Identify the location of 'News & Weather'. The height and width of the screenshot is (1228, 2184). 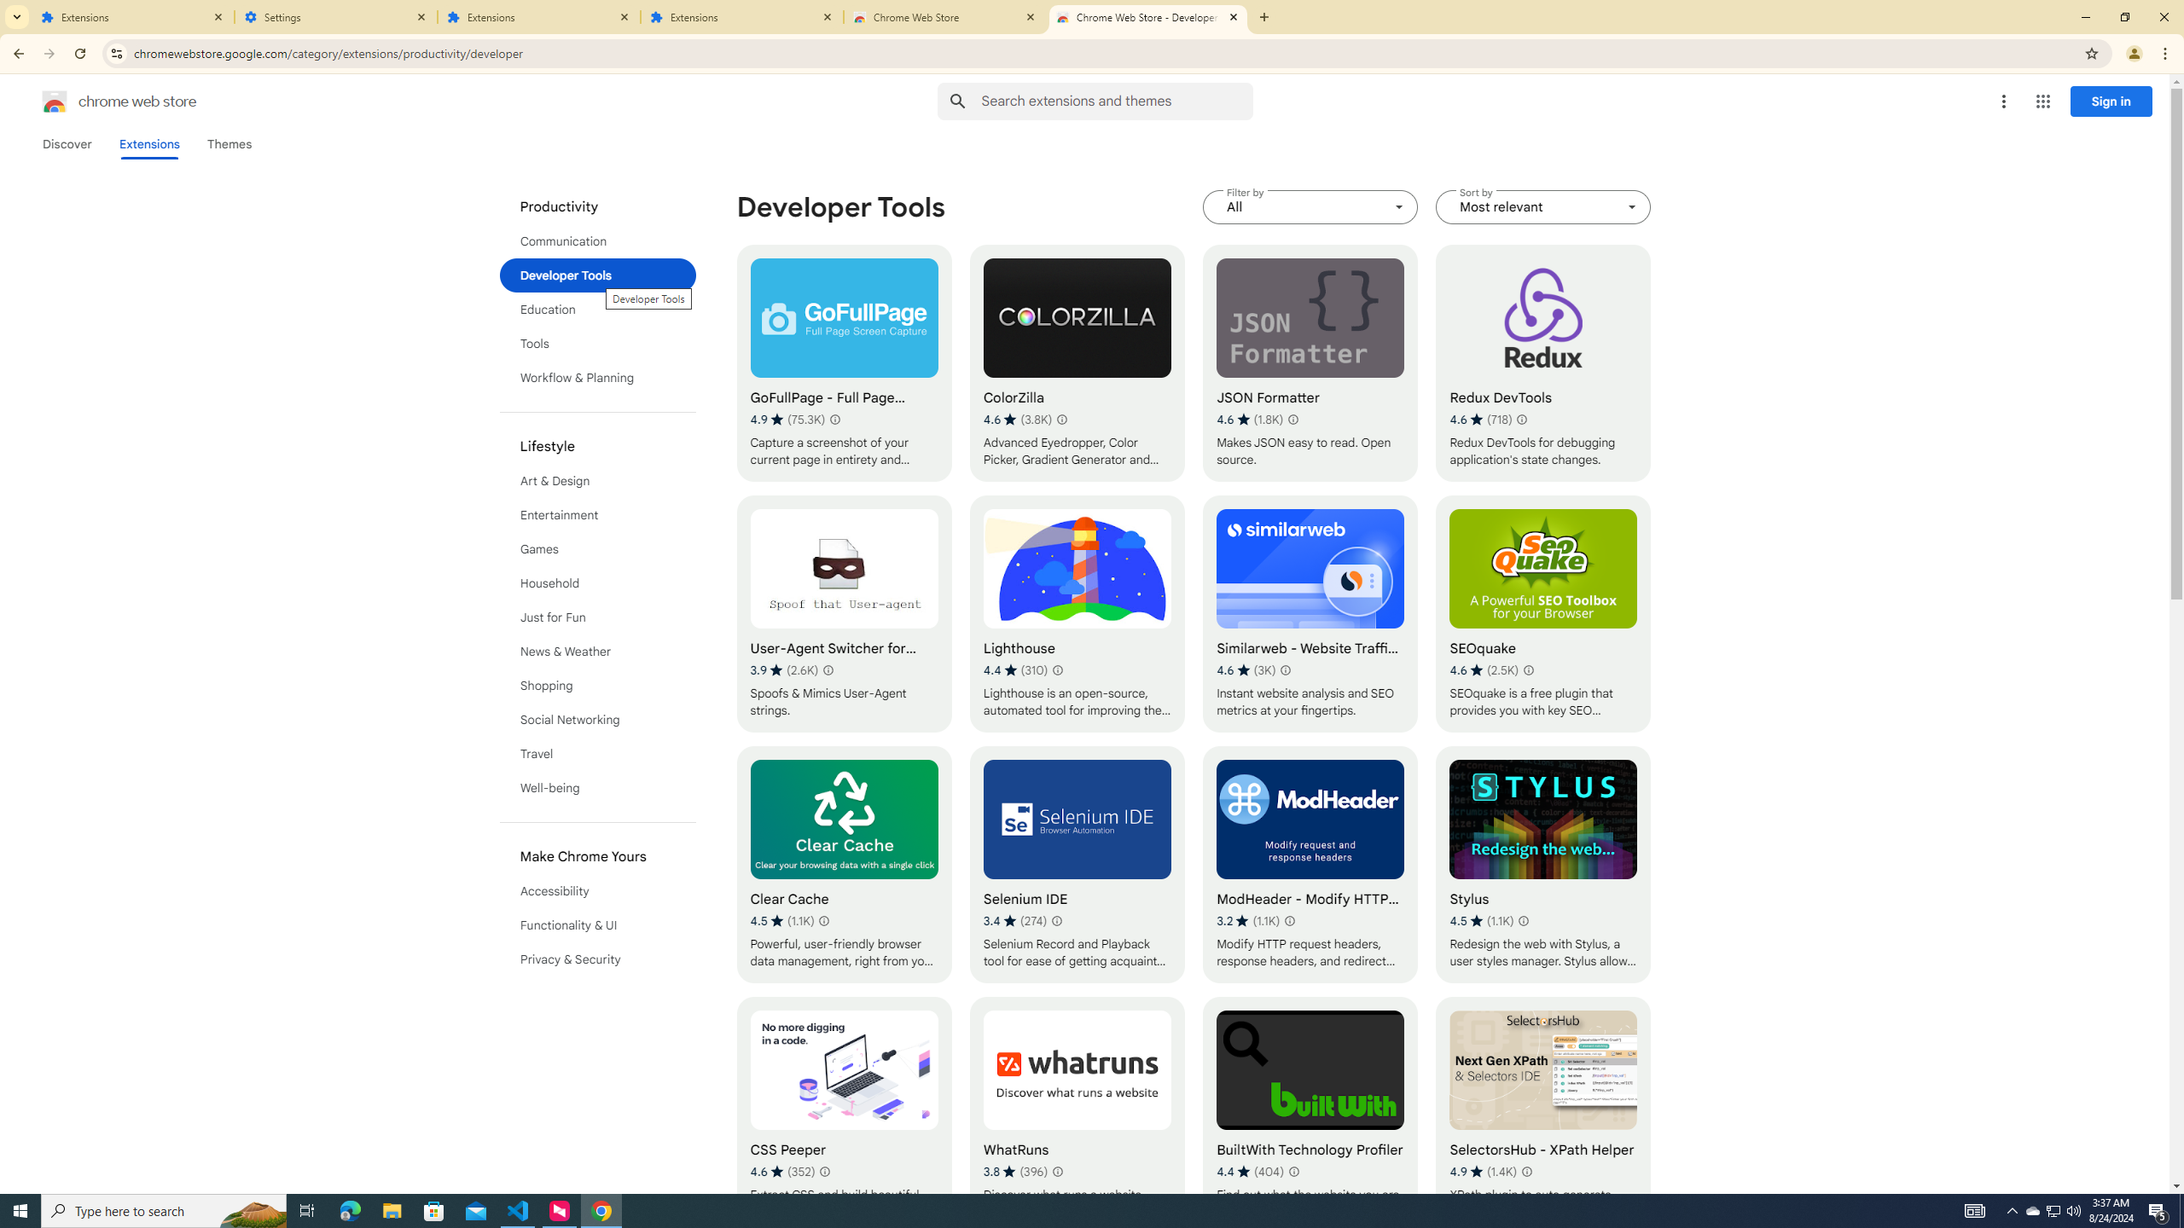
(598, 650).